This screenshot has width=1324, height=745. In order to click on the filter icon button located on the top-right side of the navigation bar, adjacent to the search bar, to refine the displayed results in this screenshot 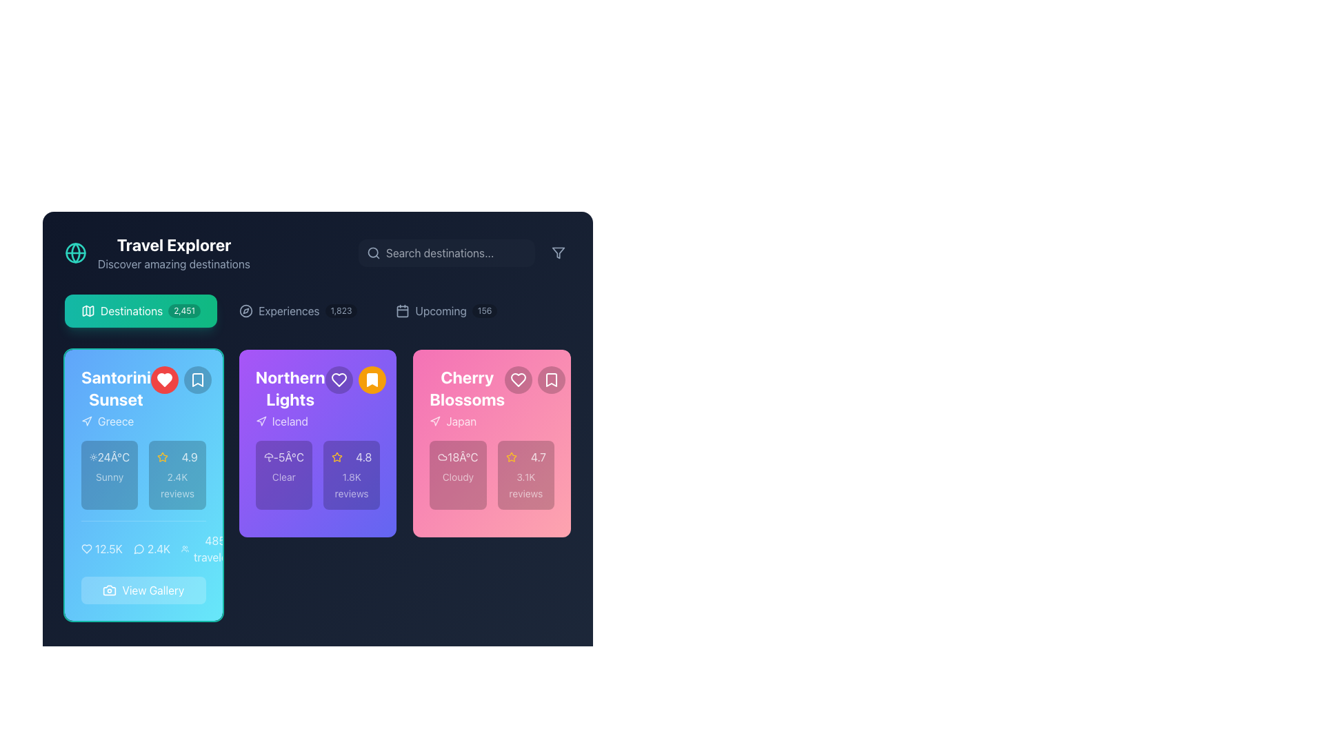, I will do `click(559, 252)`.